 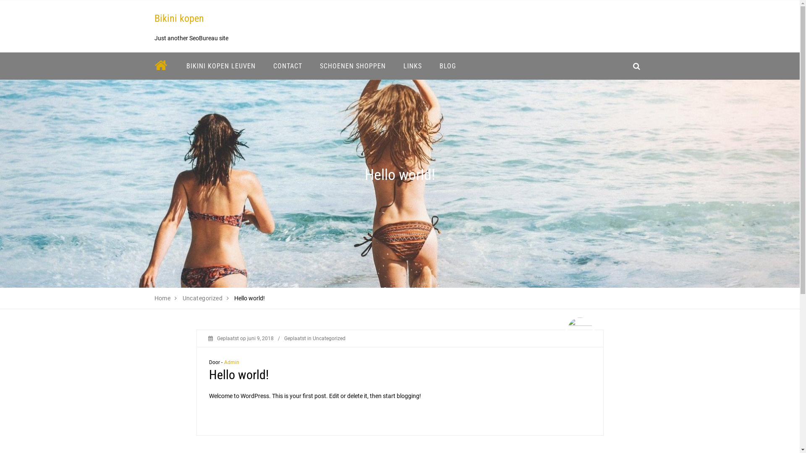 What do you see at coordinates (220, 65) in the screenshot?
I see `'BIKINI KOPEN LEUVEN'` at bounding box center [220, 65].